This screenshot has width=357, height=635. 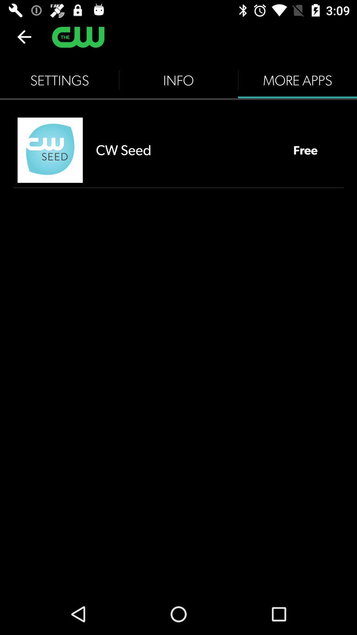 What do you see at coordinates (178, 80) in the screenshot?
I see `item to the left of more apps` at bounding box center [178, 80].